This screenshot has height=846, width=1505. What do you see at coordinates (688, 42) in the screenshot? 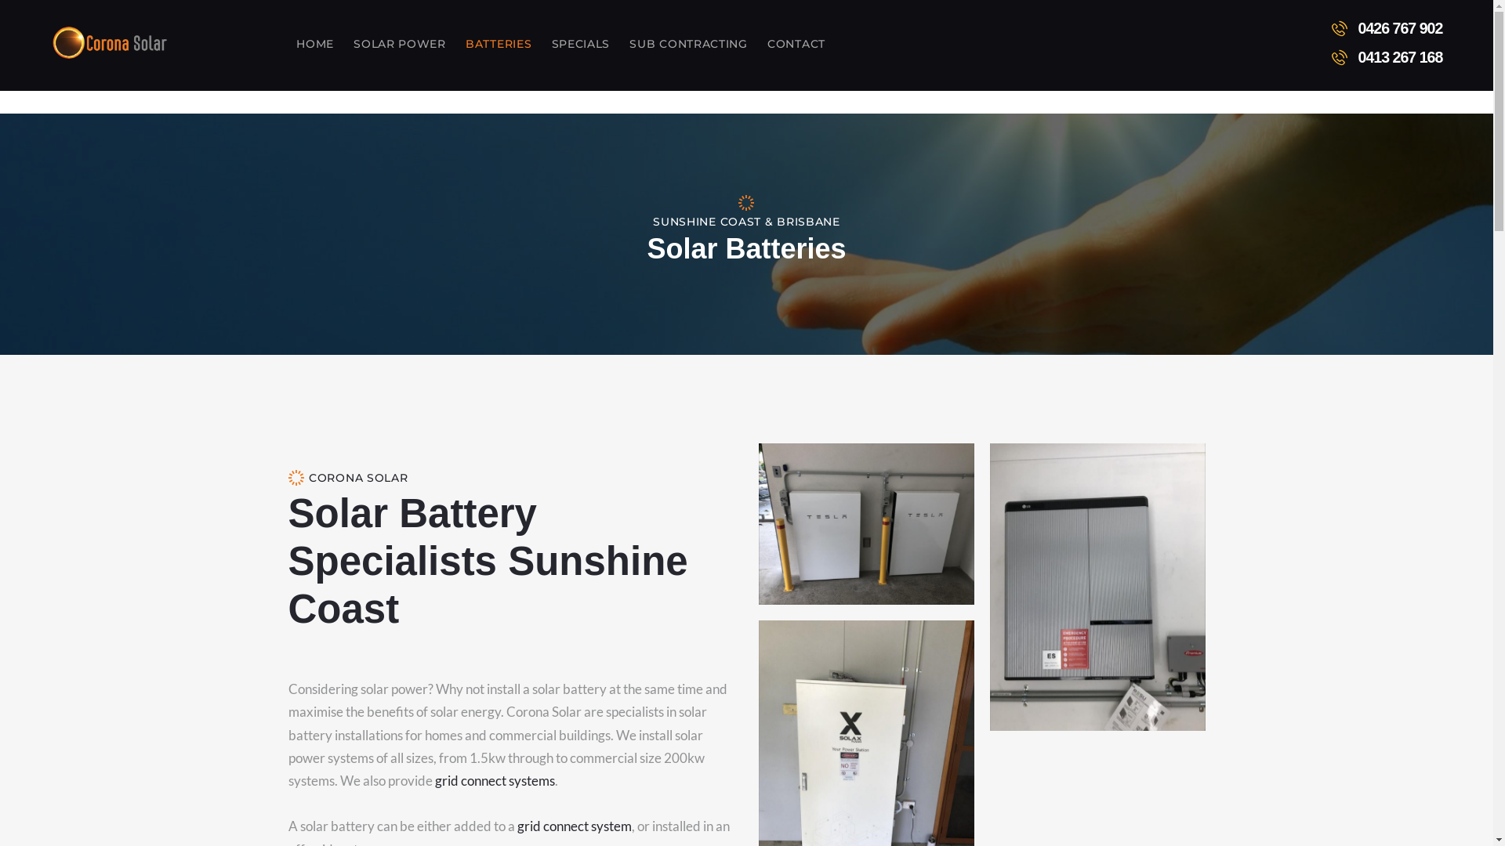
I see `'SUB CONTRACTING'` at bounding box center [688, 42].